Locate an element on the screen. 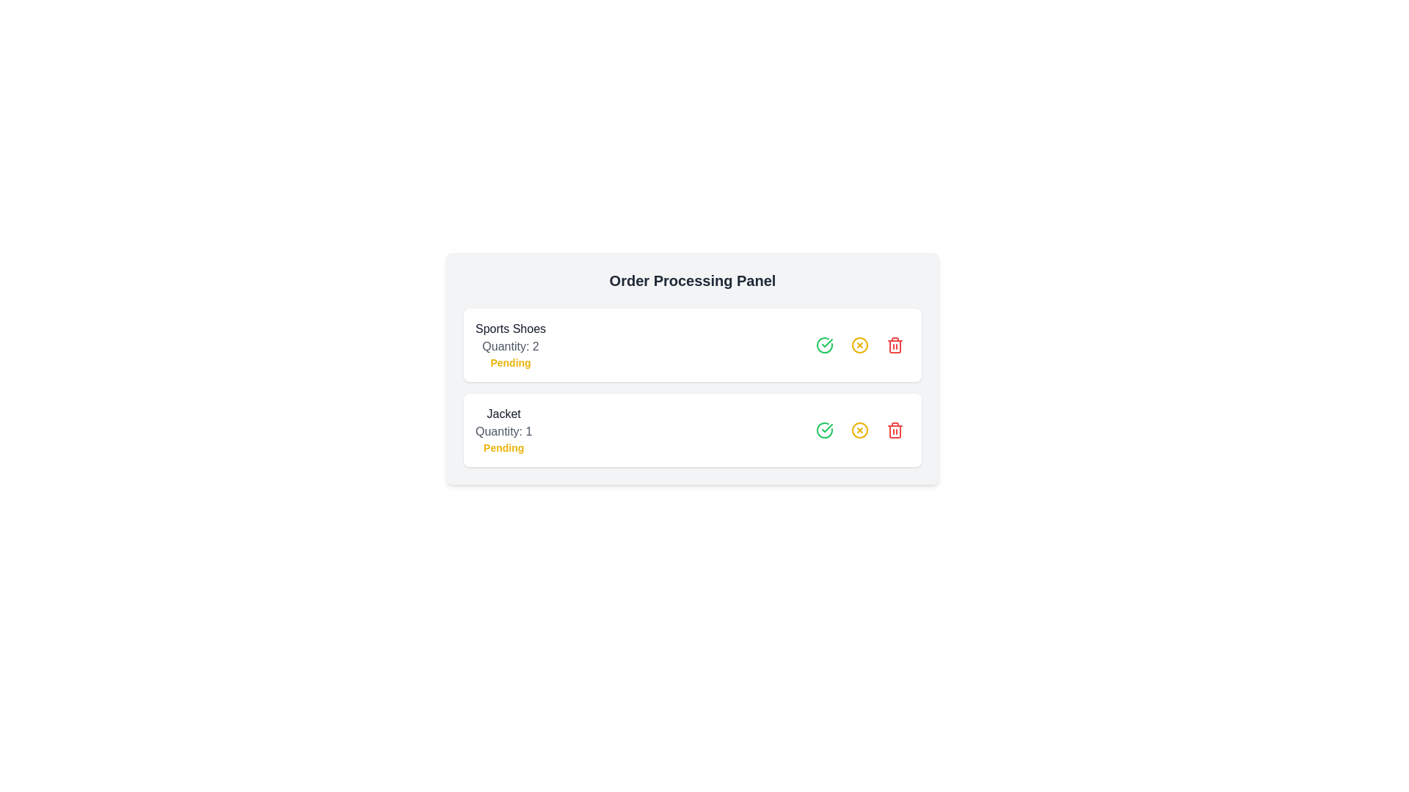 This screenshot has width=1409, height=792. the yellow 'reject' button with an 'X' mark located at the bottom-right corner of the 'Jacket' card is located at coordinates (859, 429).